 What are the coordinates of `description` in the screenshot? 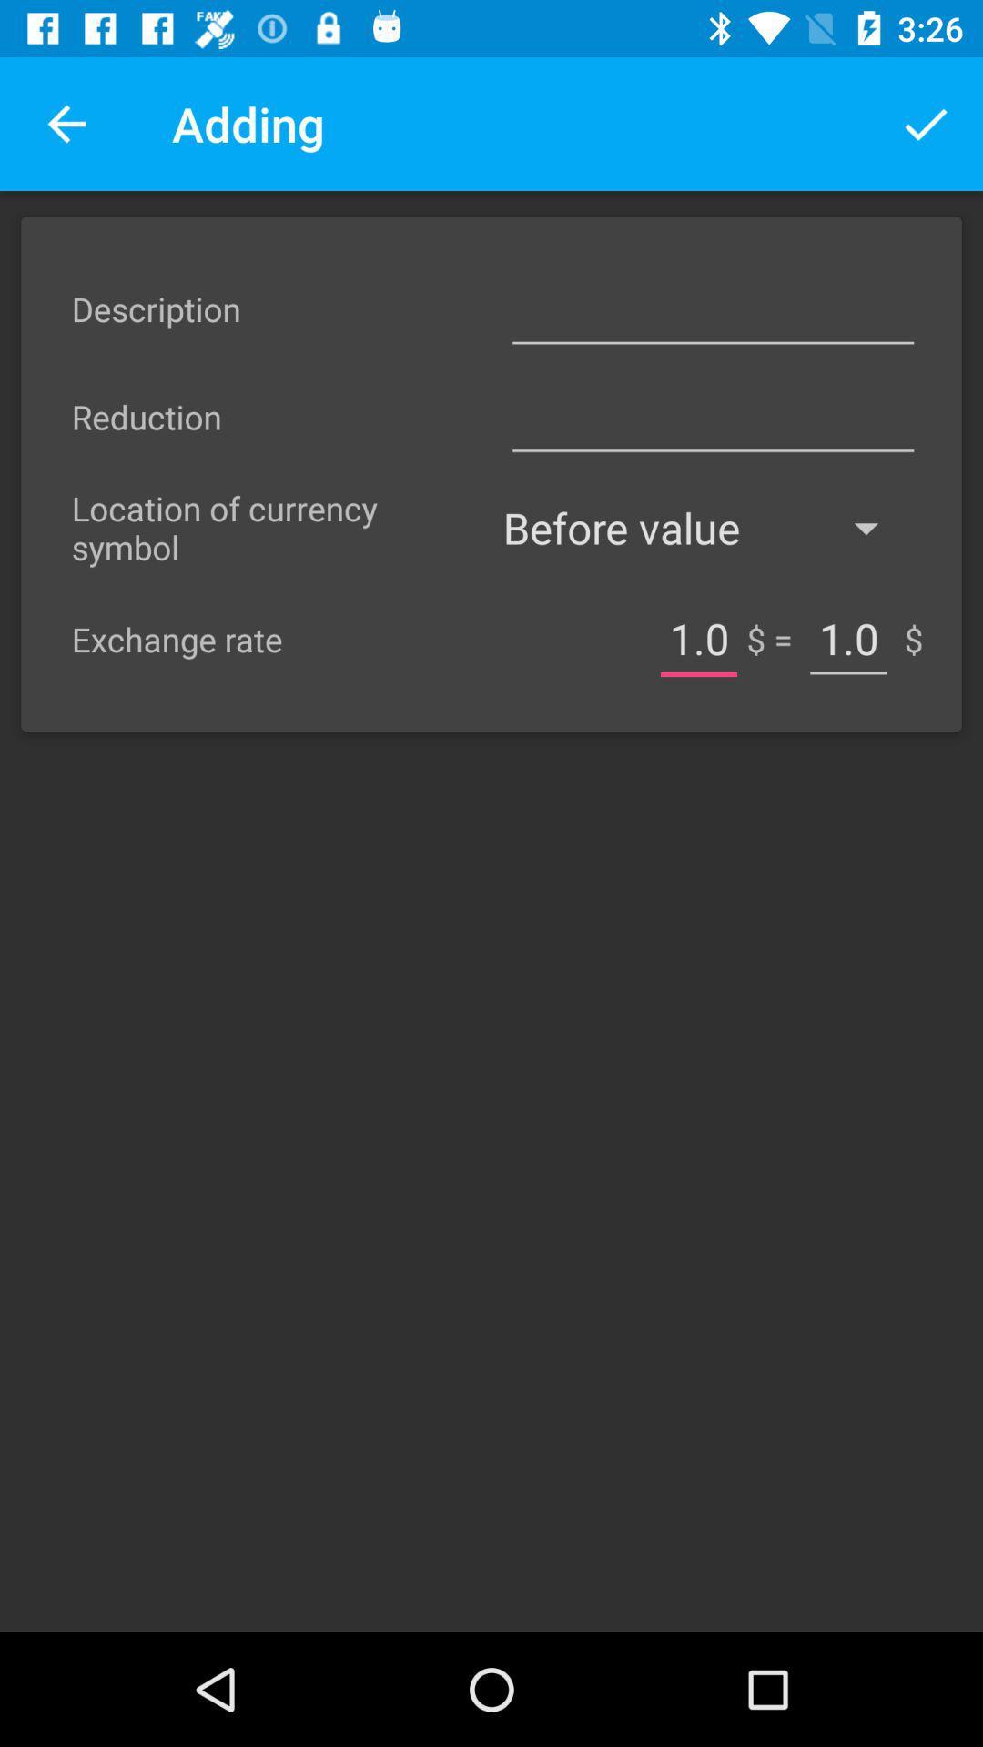 It's located at (712, 308).